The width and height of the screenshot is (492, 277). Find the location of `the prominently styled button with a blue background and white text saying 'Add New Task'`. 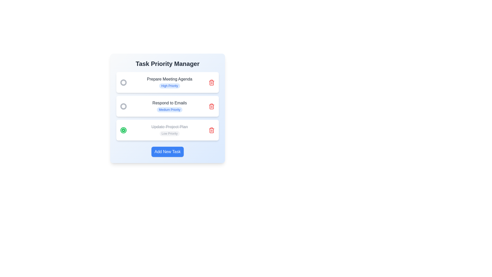

the prominently styled button with a blue background and white text saying 'Add New Task' is located at coordinates (167, 151).